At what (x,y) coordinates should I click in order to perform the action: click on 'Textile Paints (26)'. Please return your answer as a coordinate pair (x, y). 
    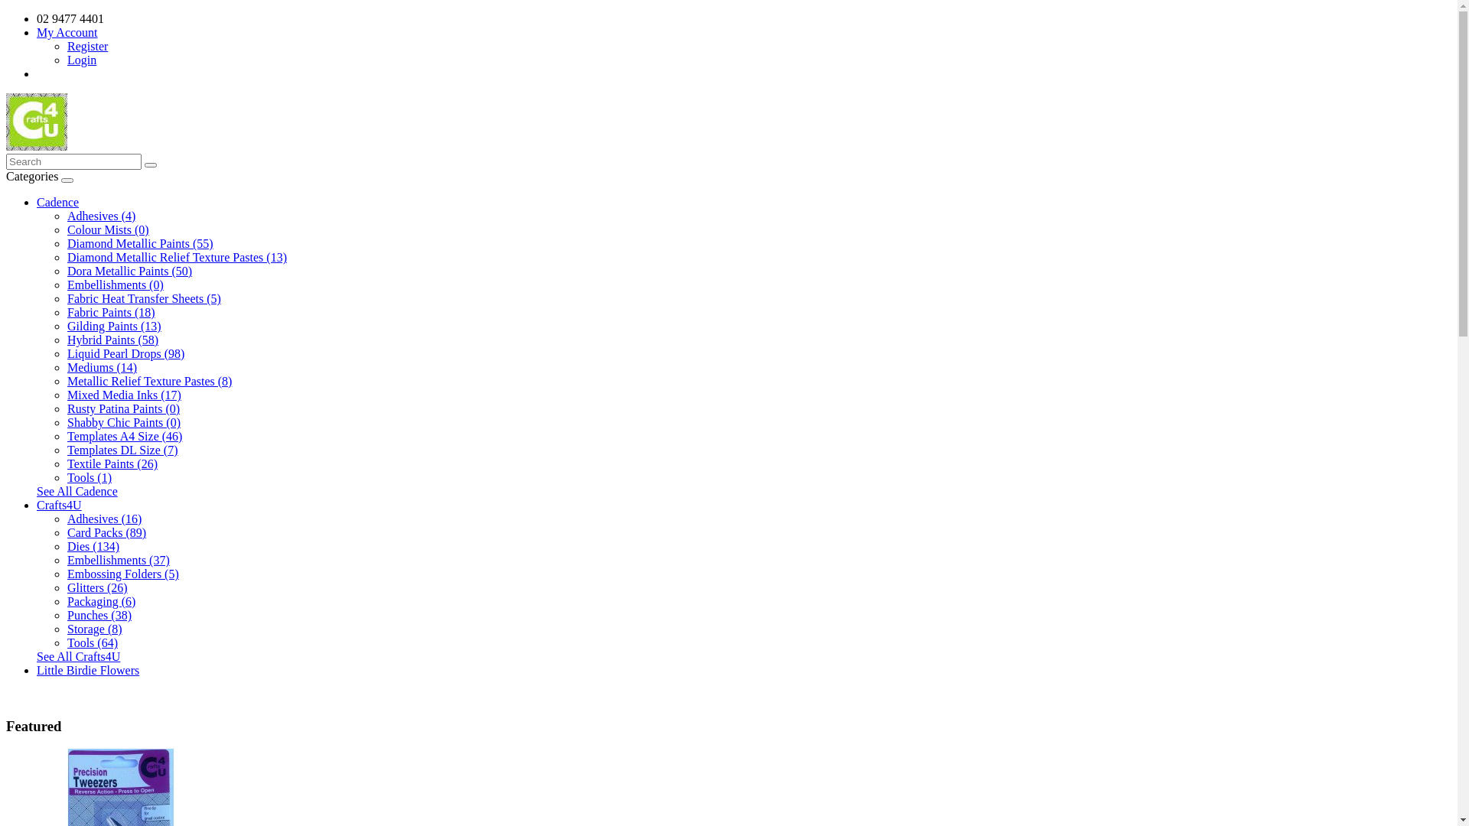
    Looking at the image, I should click on (112, 463).